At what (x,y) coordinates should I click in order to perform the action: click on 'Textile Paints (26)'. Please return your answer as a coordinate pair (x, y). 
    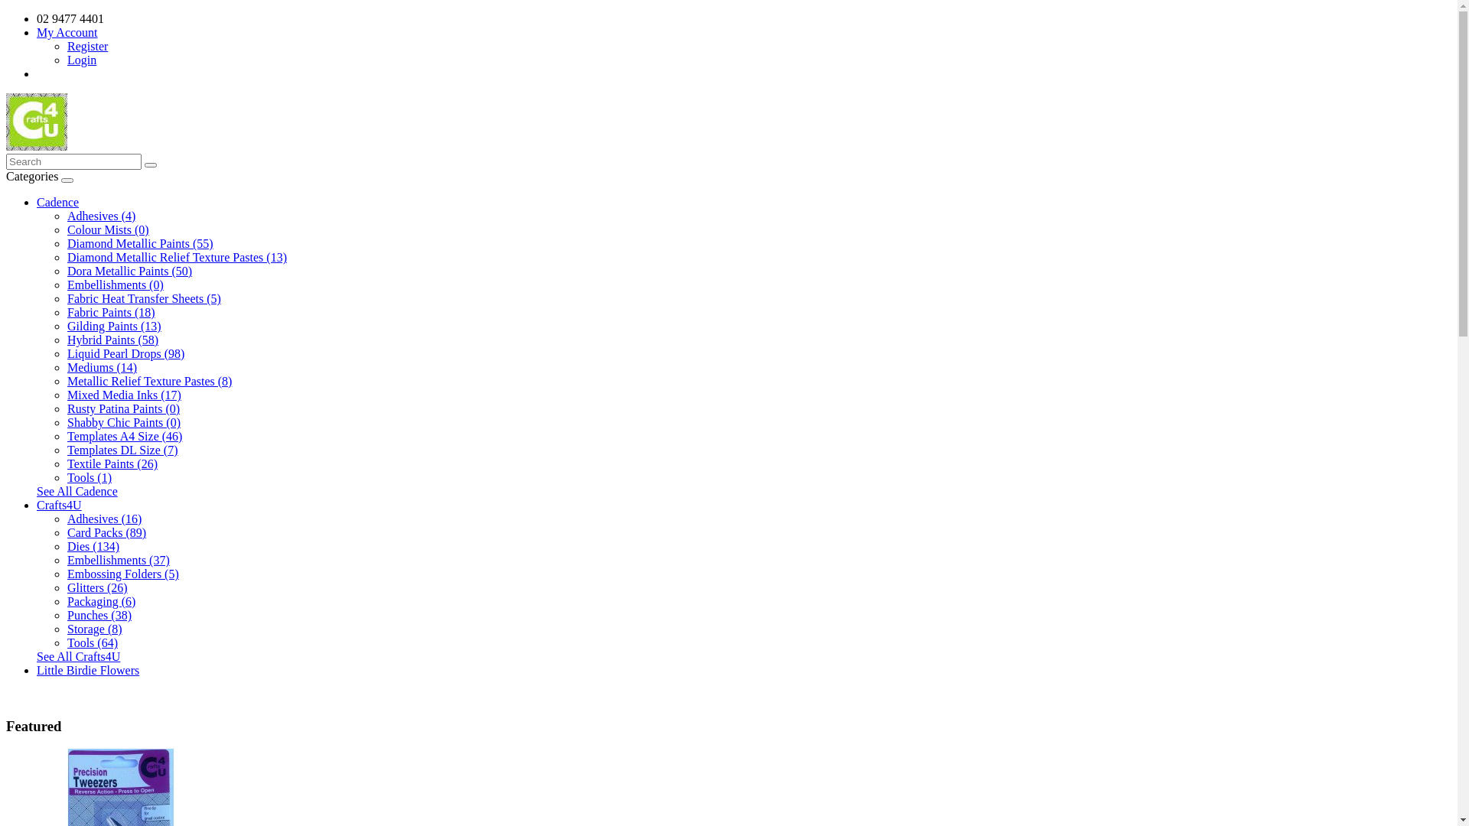
    Looking at the image, I should click on (112, 463).